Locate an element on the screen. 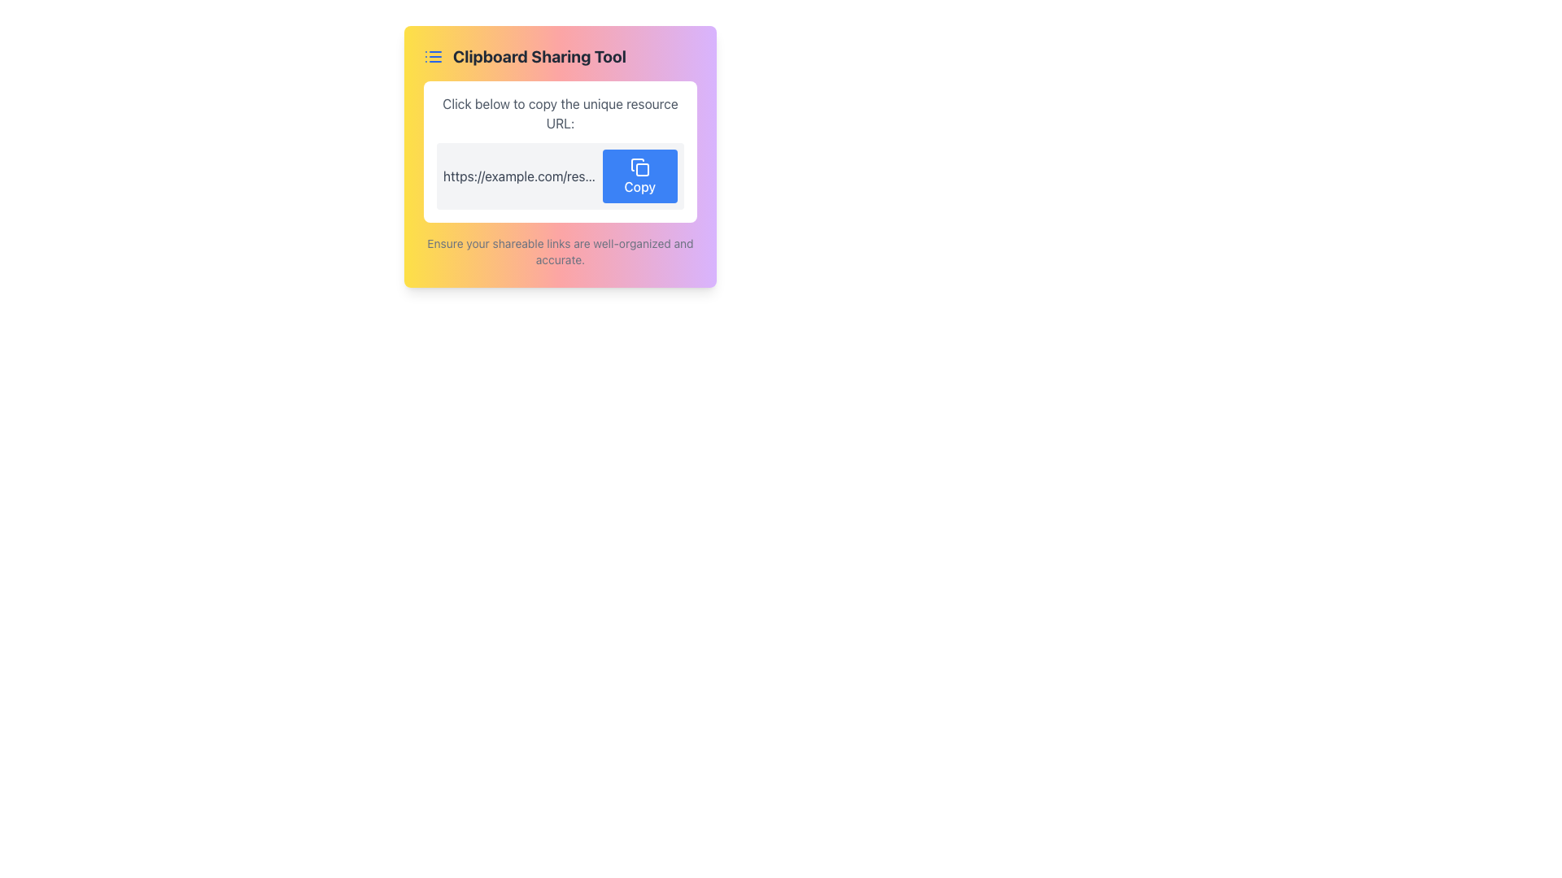  the aesthetic contribution of the copy action icon, which is part of a grouped icon structure above the blue 'Copy' button is located at coordinates (636, 164).